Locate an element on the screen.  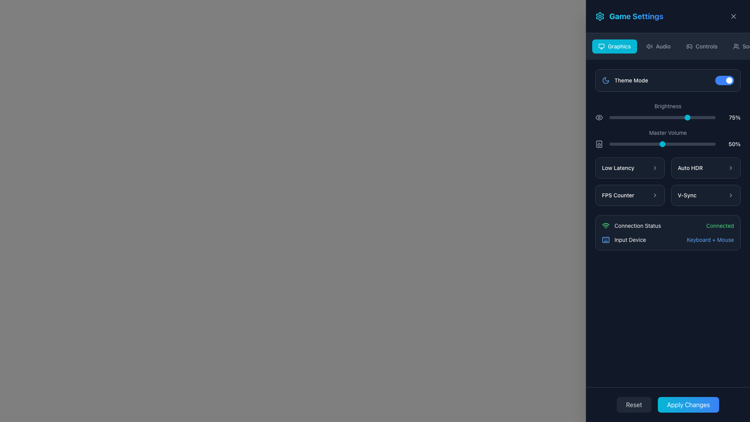
the circular blue moon icon with a crescent shape located in the 'Theme Mode' control section, to the left of the toggle switch is located at coordinates (605, 80).